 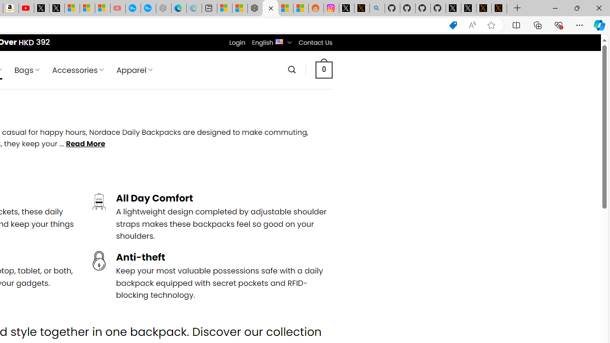 What do you see at coordinates (132, 8) in the screenshot?
I see `'Opinion: Op-Ed and Commentary - USA TODAY'` at bounding box center [132, 8].